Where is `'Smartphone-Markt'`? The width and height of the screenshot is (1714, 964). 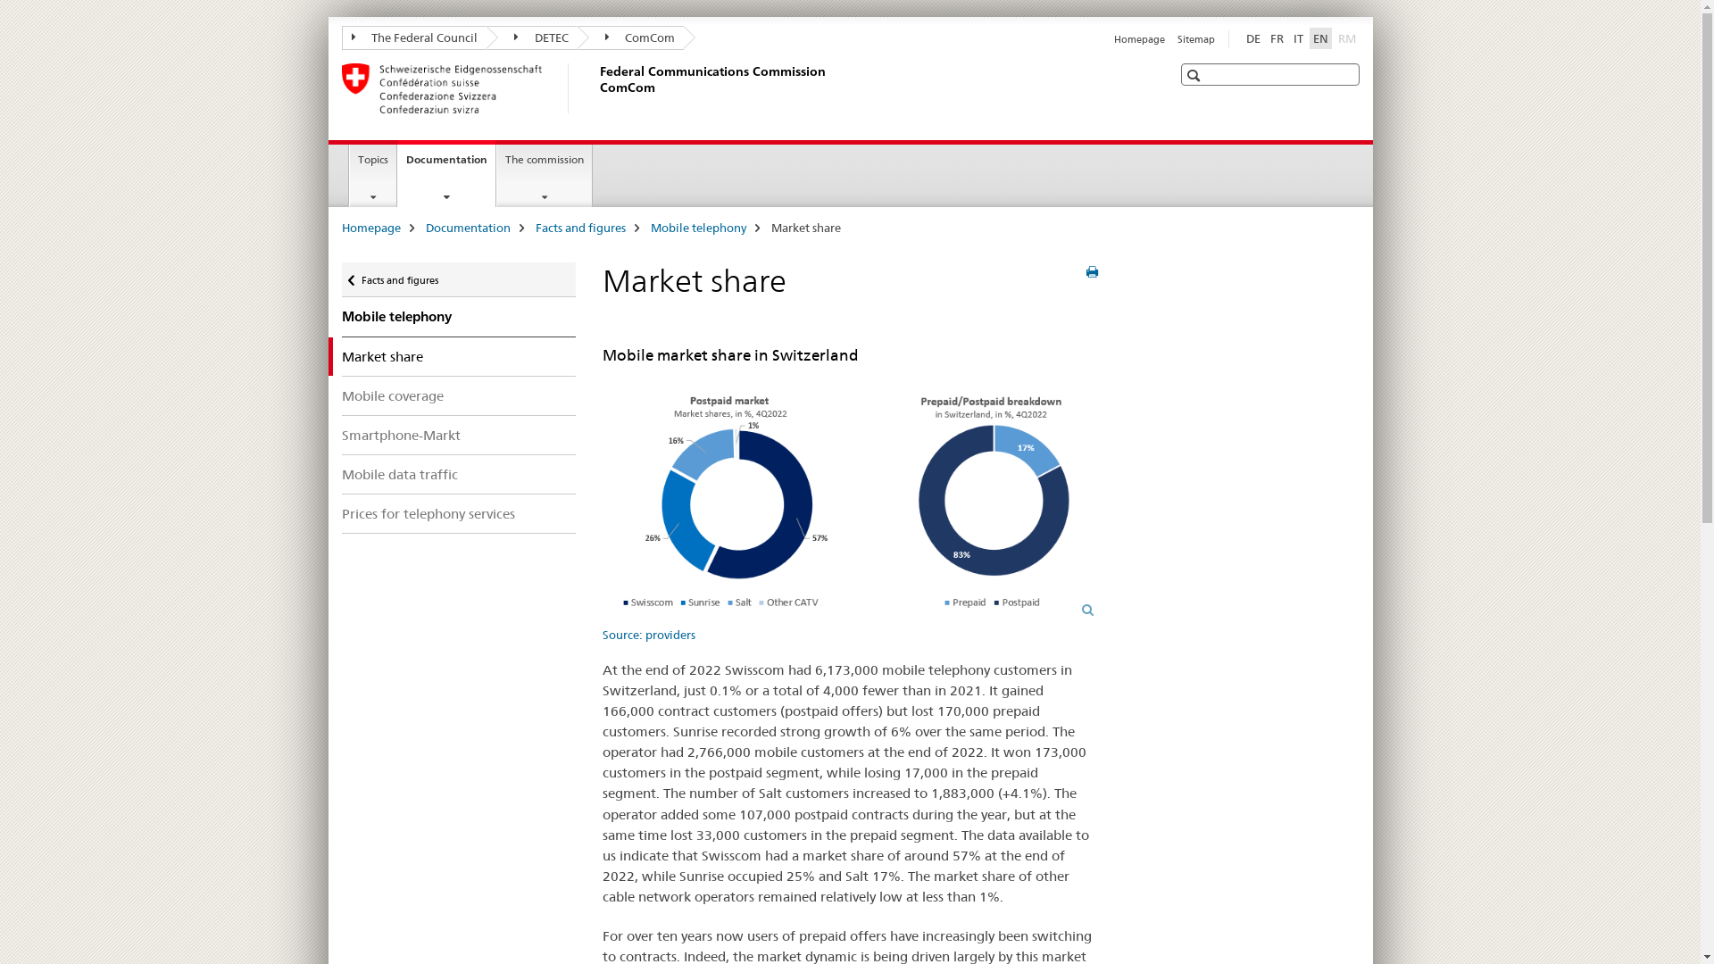 'Smartphone-Markt' is located at coordinates (458, 435).